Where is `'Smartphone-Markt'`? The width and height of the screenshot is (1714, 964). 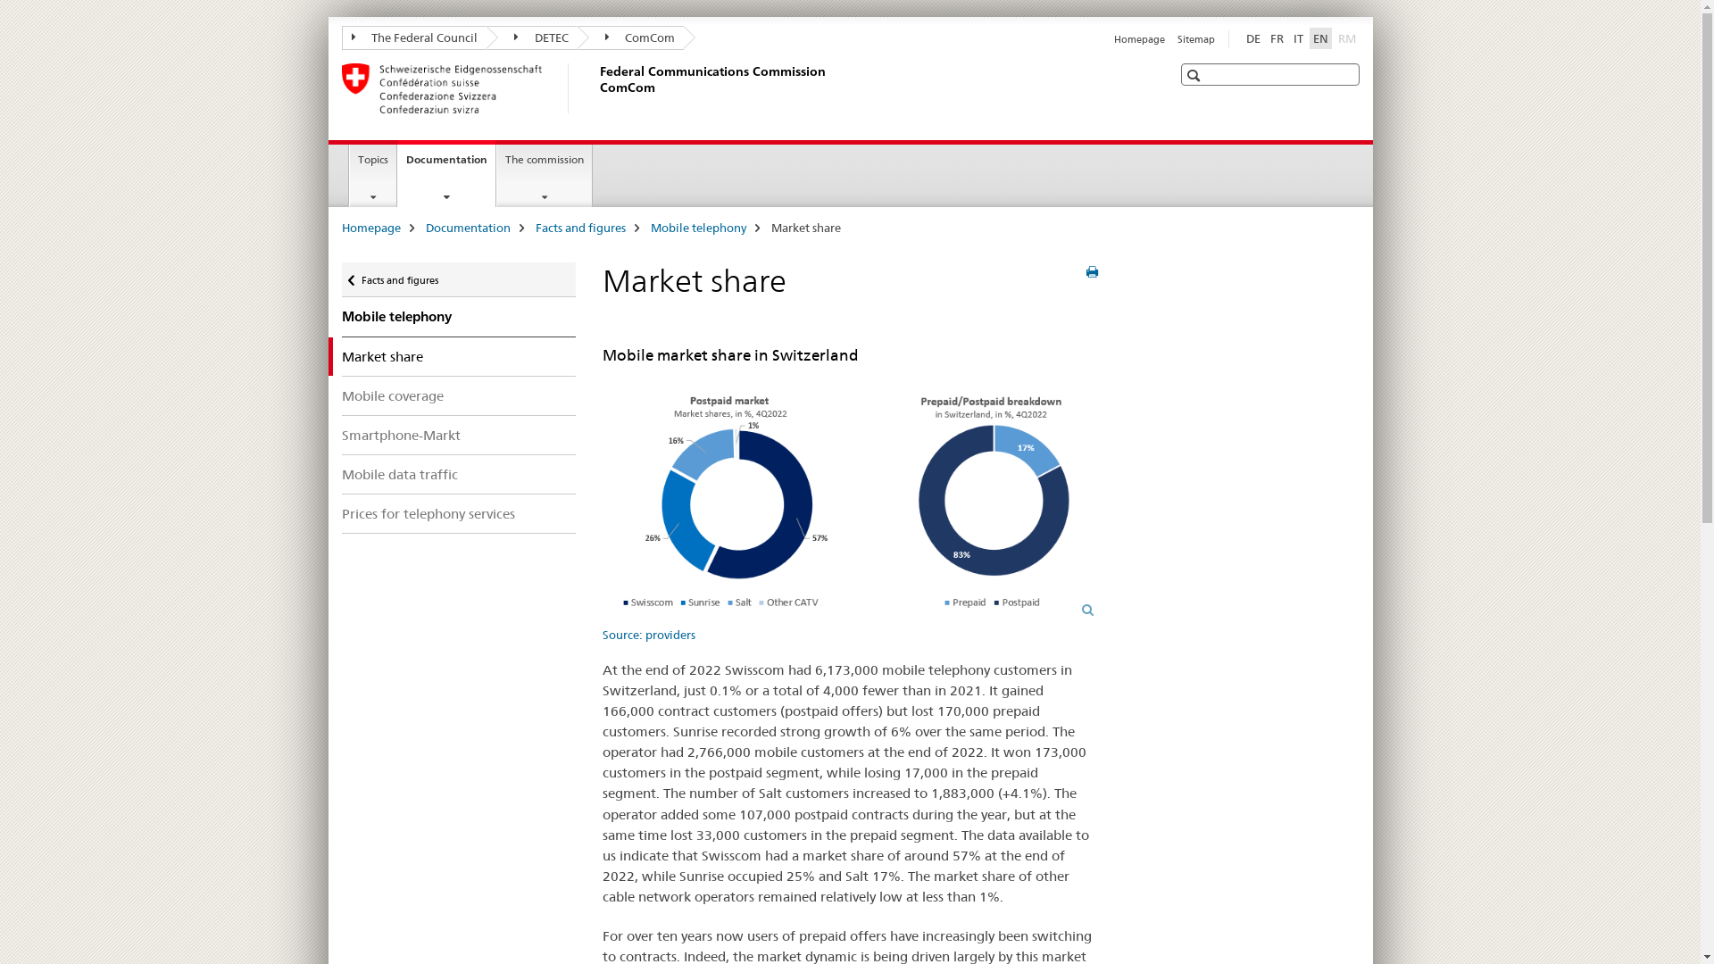 'Smartphone-Markt' is located at coordinates (458, 435).